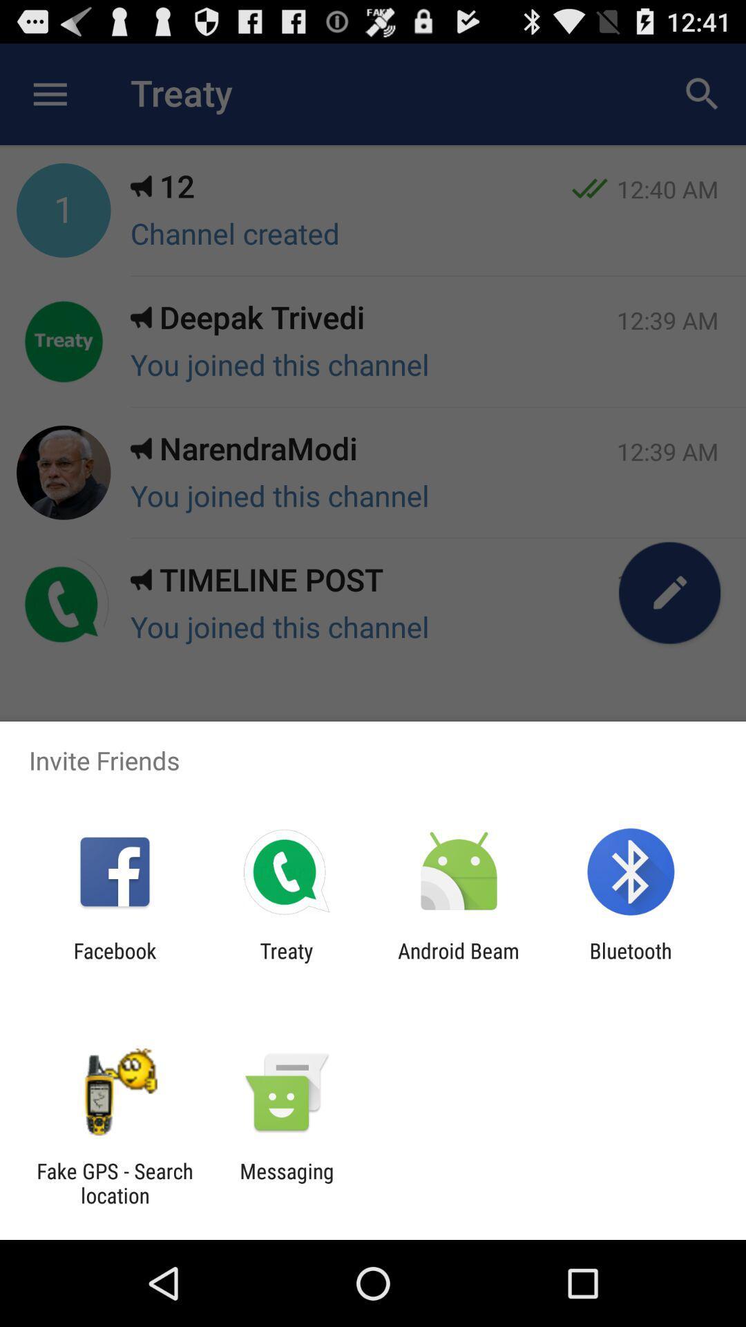 The image size is (746, 1327). What do you see at coordinates (459, 962) in the screenshot?
I see `the item next to bluetooth` at bounding box center [459, 962].